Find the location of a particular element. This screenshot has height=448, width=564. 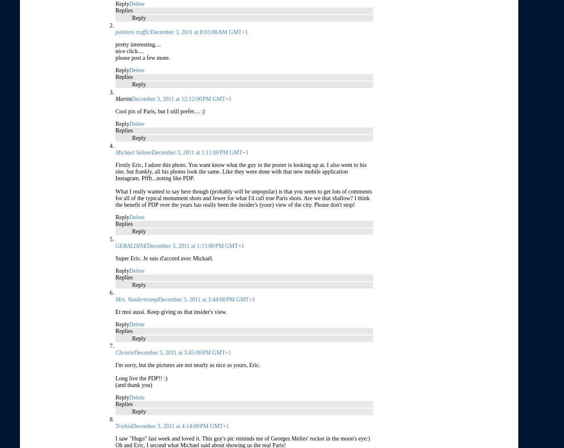

'December 3, 2011 at 1:15:00 PM GMT+1' is located at coordinates (195, 245).